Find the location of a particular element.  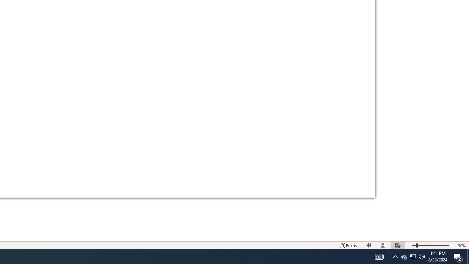

'Q2790: 100%' is located at coordinates (413, 256).